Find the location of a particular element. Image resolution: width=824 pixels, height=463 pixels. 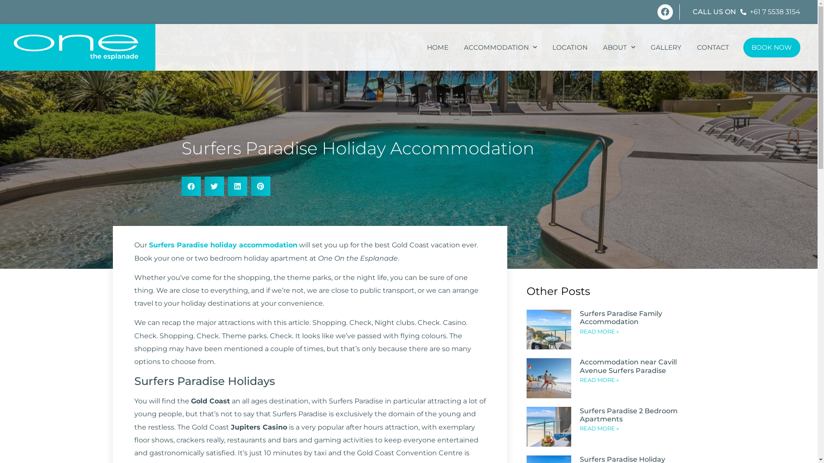

'BOOK NOW' is located at coordinates (772, 48).